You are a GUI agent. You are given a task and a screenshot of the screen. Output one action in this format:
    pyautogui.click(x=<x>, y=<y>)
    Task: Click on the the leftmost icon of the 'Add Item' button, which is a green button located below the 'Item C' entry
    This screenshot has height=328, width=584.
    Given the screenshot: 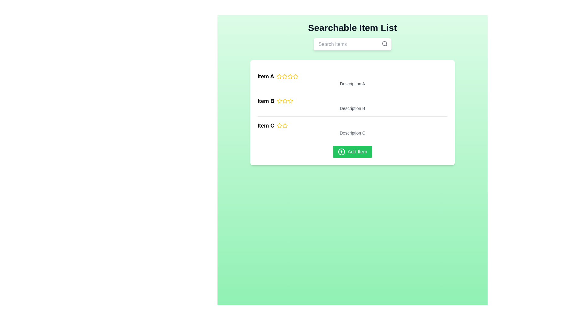 What is the action you would take?
    pyautogui.click(x=342, y=152)
    